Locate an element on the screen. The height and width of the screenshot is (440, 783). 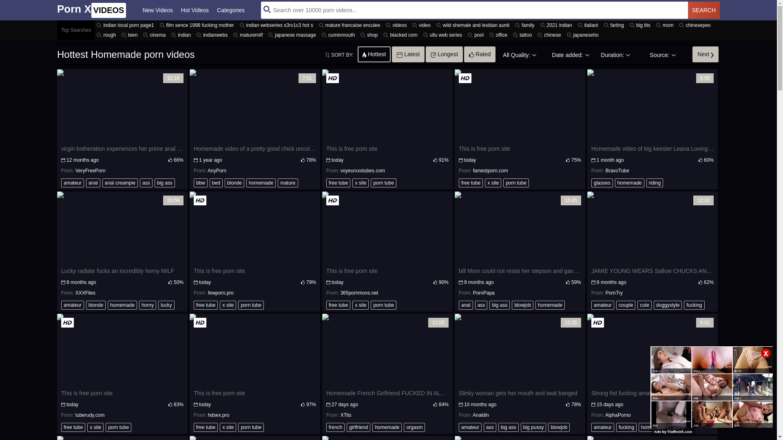
'big pussy' is located at coordinates (533, 427).